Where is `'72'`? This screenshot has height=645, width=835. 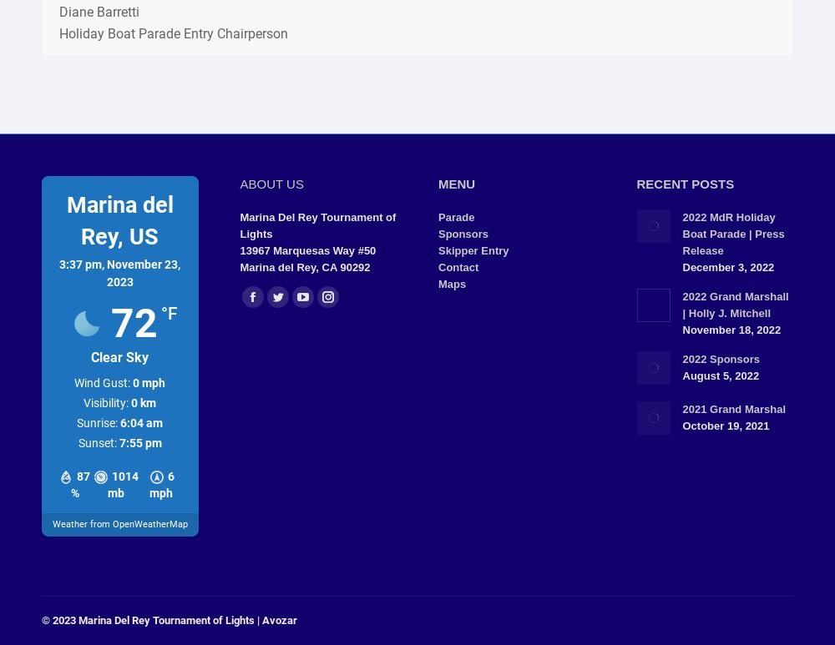 '72' is located at coordinates (134, 322).